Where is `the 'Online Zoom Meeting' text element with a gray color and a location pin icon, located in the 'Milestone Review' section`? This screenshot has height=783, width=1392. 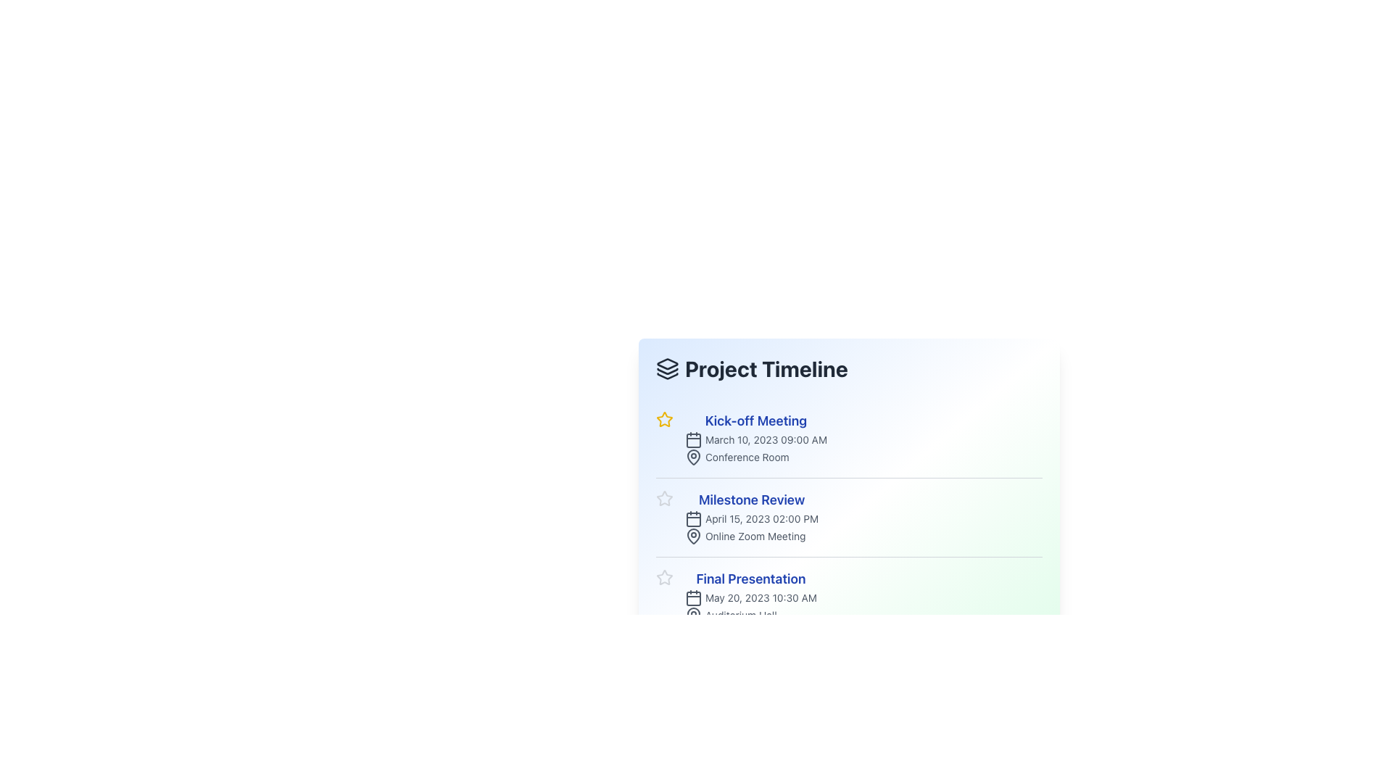 the 'Online Zoom Meeting' text element with a gray color and a location pin icon, located in the 'Milestone Review' section is located at coordinates (751, 536).